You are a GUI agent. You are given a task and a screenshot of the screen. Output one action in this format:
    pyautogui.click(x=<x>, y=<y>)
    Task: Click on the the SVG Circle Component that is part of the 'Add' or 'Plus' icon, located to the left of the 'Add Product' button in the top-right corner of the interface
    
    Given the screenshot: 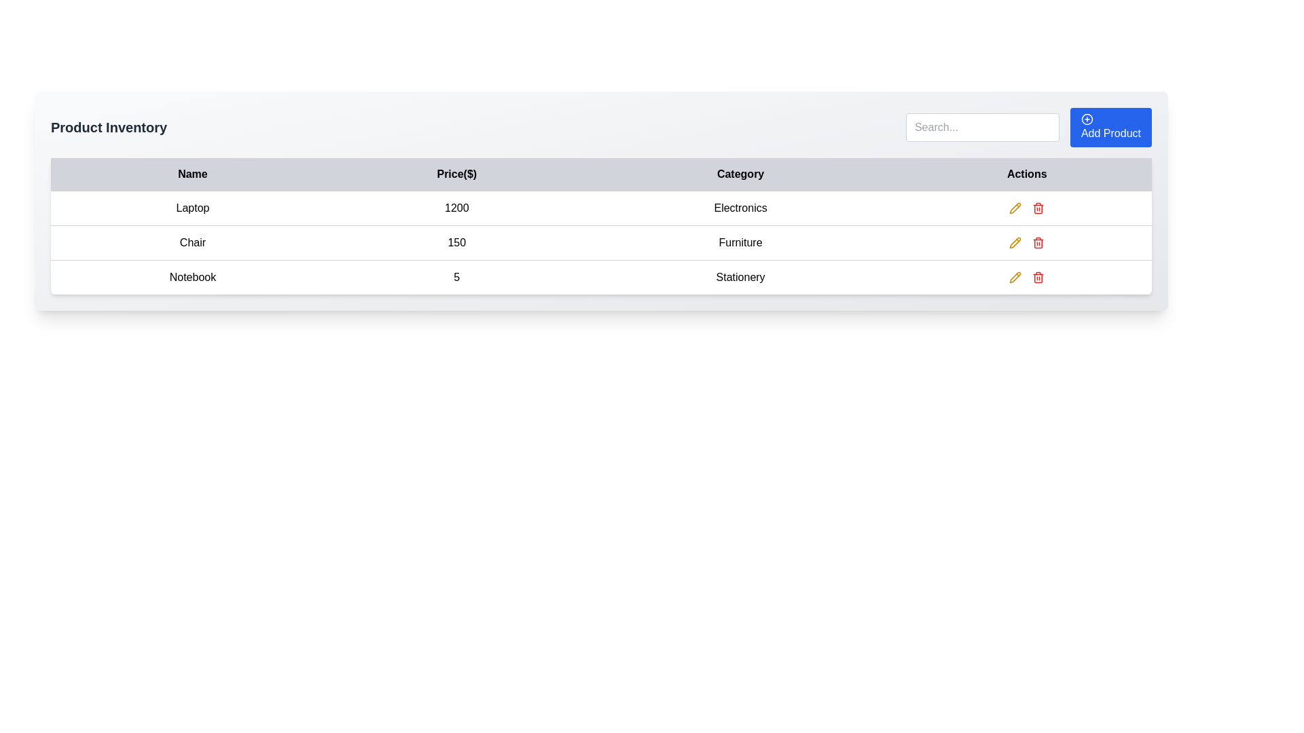 What is the action you would take?
    pyautogui.click(x=1087, y=119)
    